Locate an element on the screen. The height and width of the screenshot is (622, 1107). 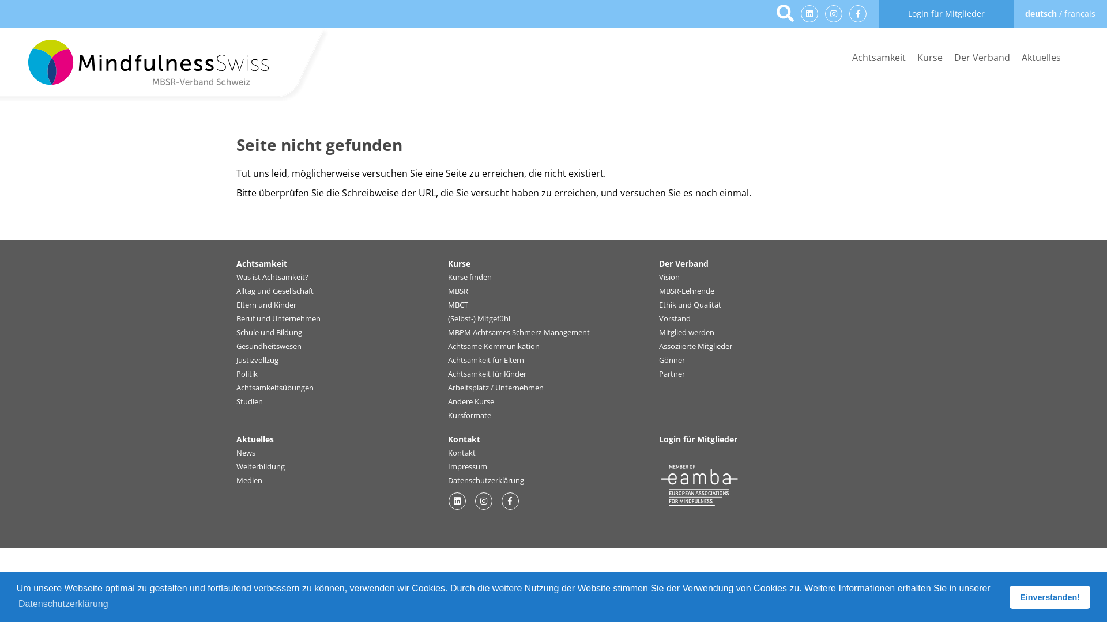
'Vision' is located at coordinates (669, 278).